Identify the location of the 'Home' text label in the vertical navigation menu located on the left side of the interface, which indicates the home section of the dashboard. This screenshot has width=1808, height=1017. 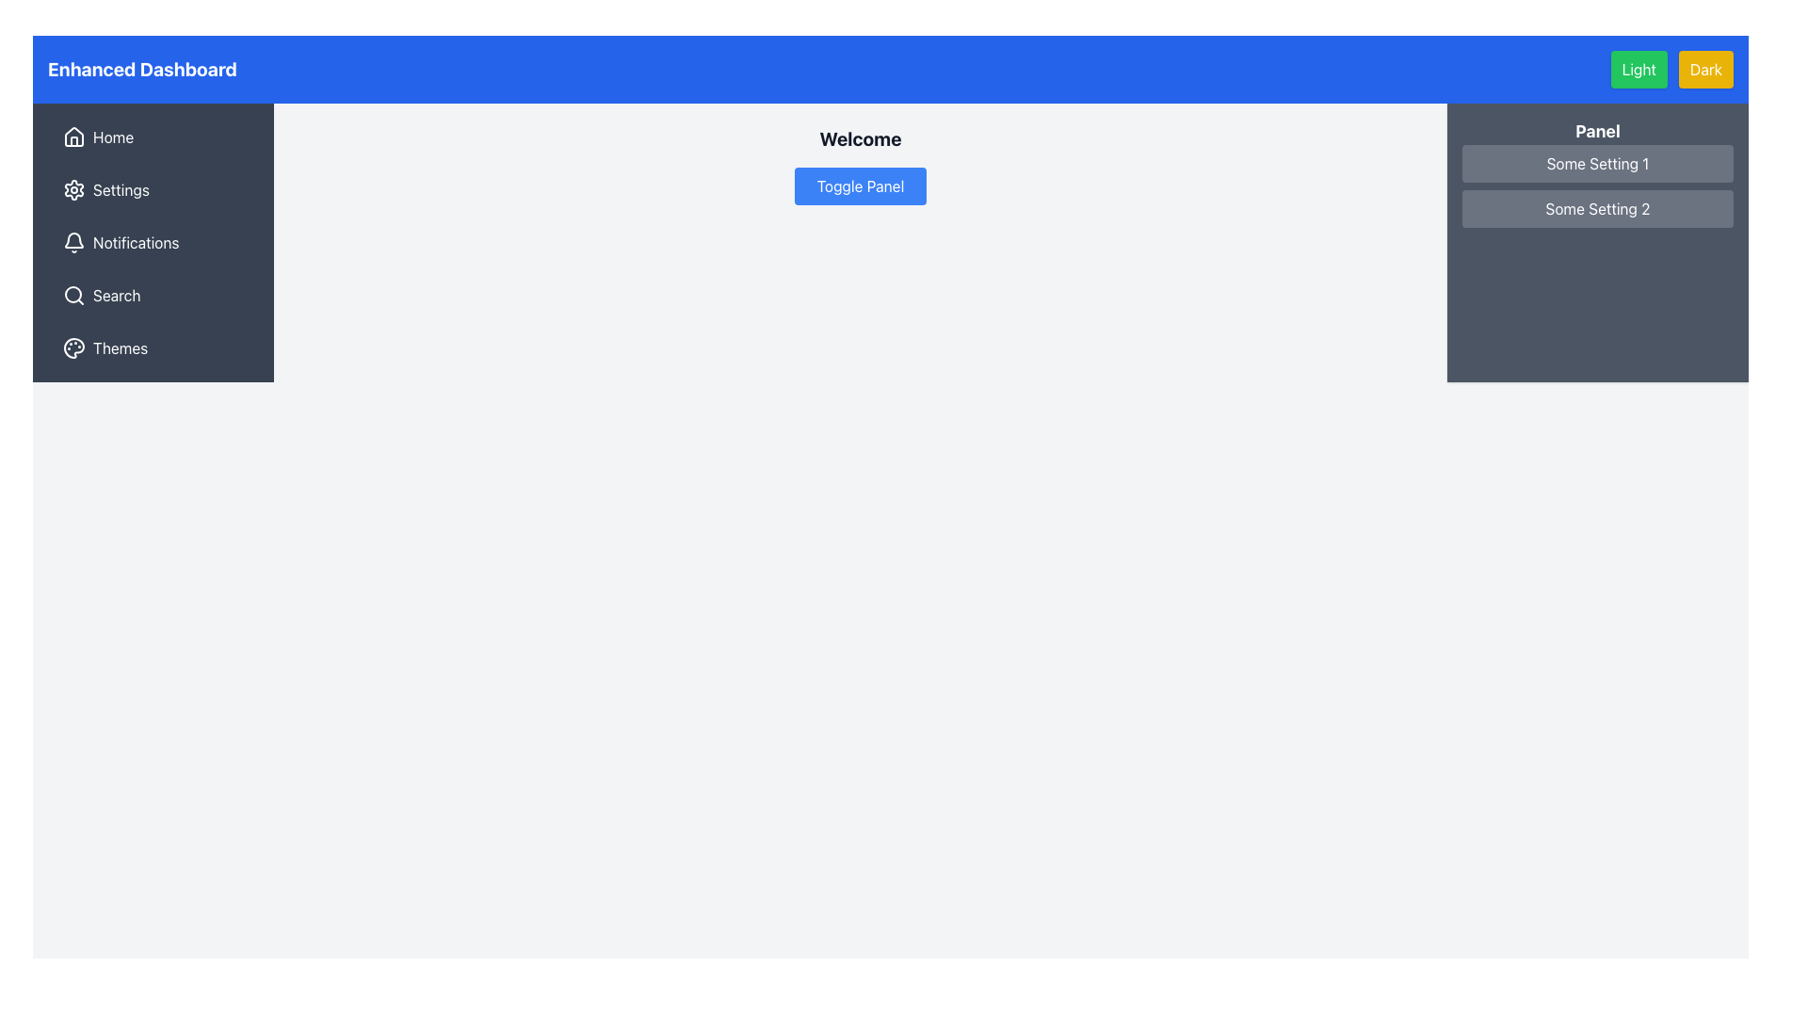
(112, 137).